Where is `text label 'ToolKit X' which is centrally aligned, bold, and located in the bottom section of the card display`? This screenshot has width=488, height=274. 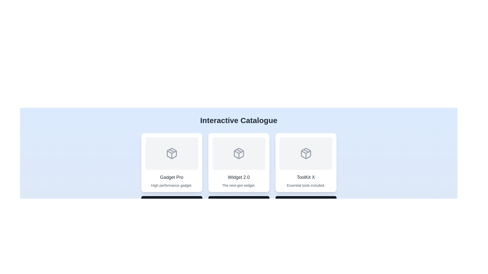
text label 'ToolKit X' which is centrally aligned, bold, and located in the bottom section of the card display is located at coordinates (306, 177).